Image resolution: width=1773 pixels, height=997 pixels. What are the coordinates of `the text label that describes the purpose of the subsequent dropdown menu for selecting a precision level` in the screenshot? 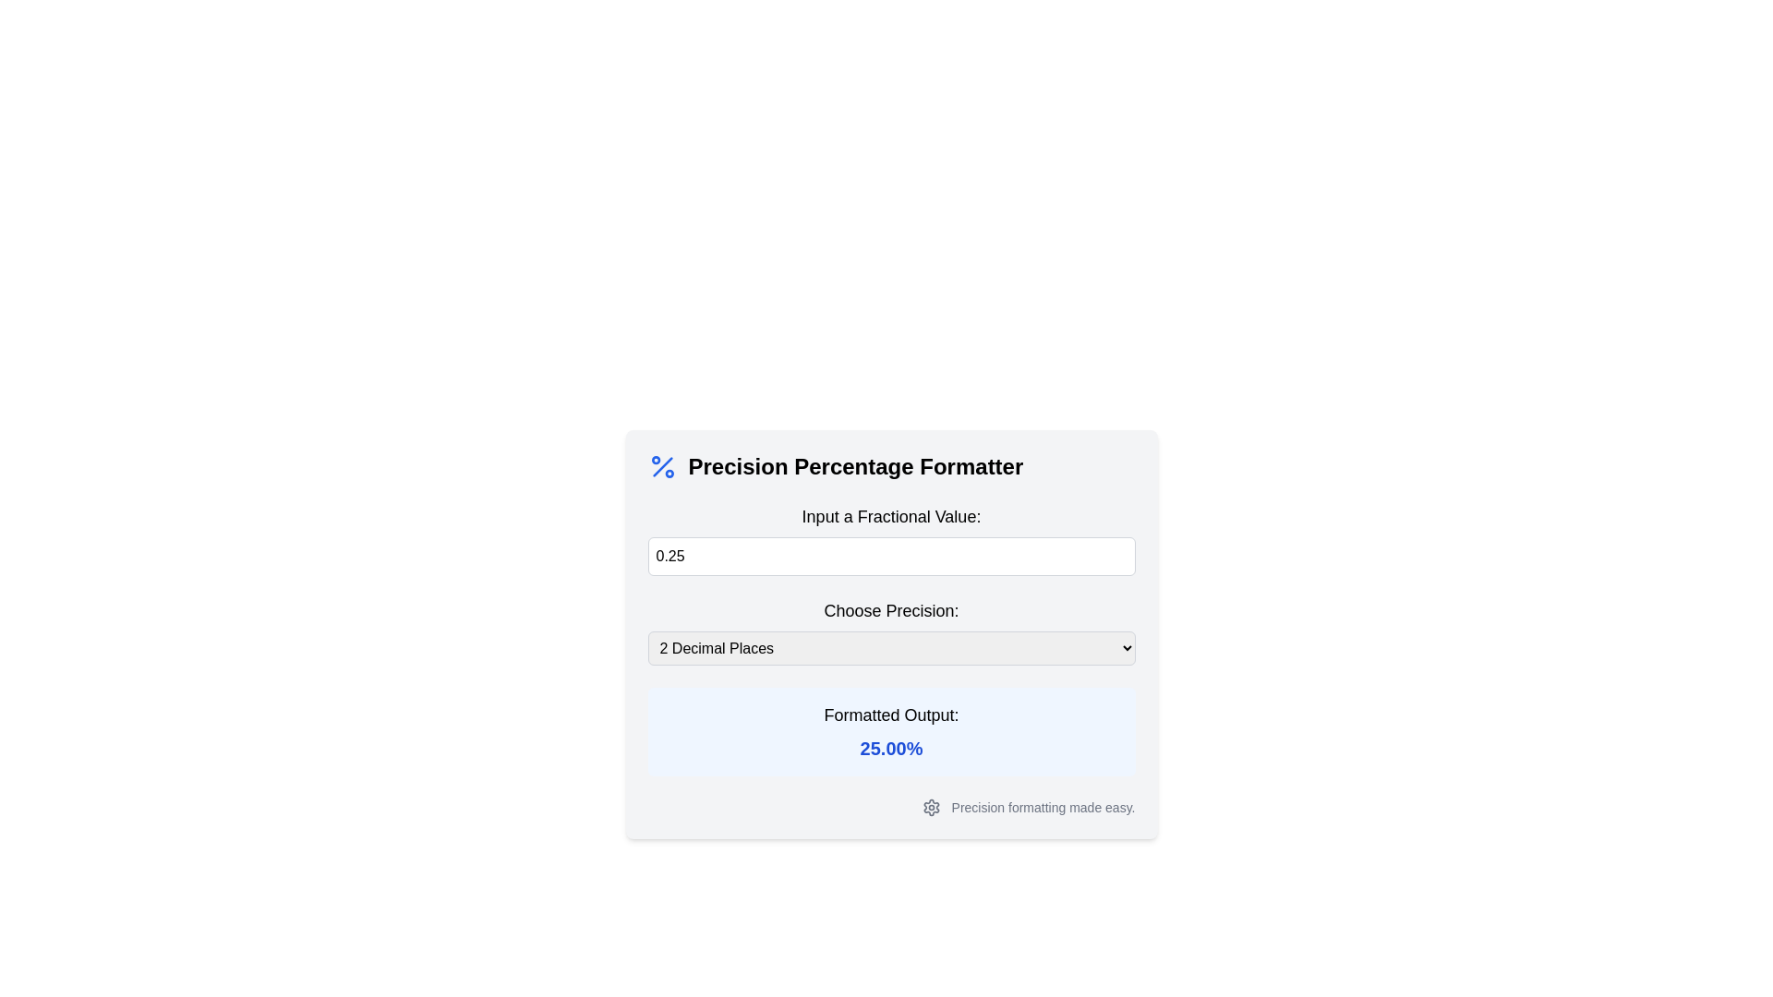 It's located at (891, 611).